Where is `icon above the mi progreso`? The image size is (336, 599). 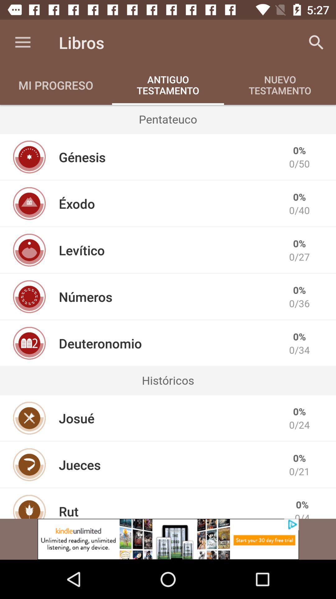
icon above the mi progreso is located at coordinates (22, 42).